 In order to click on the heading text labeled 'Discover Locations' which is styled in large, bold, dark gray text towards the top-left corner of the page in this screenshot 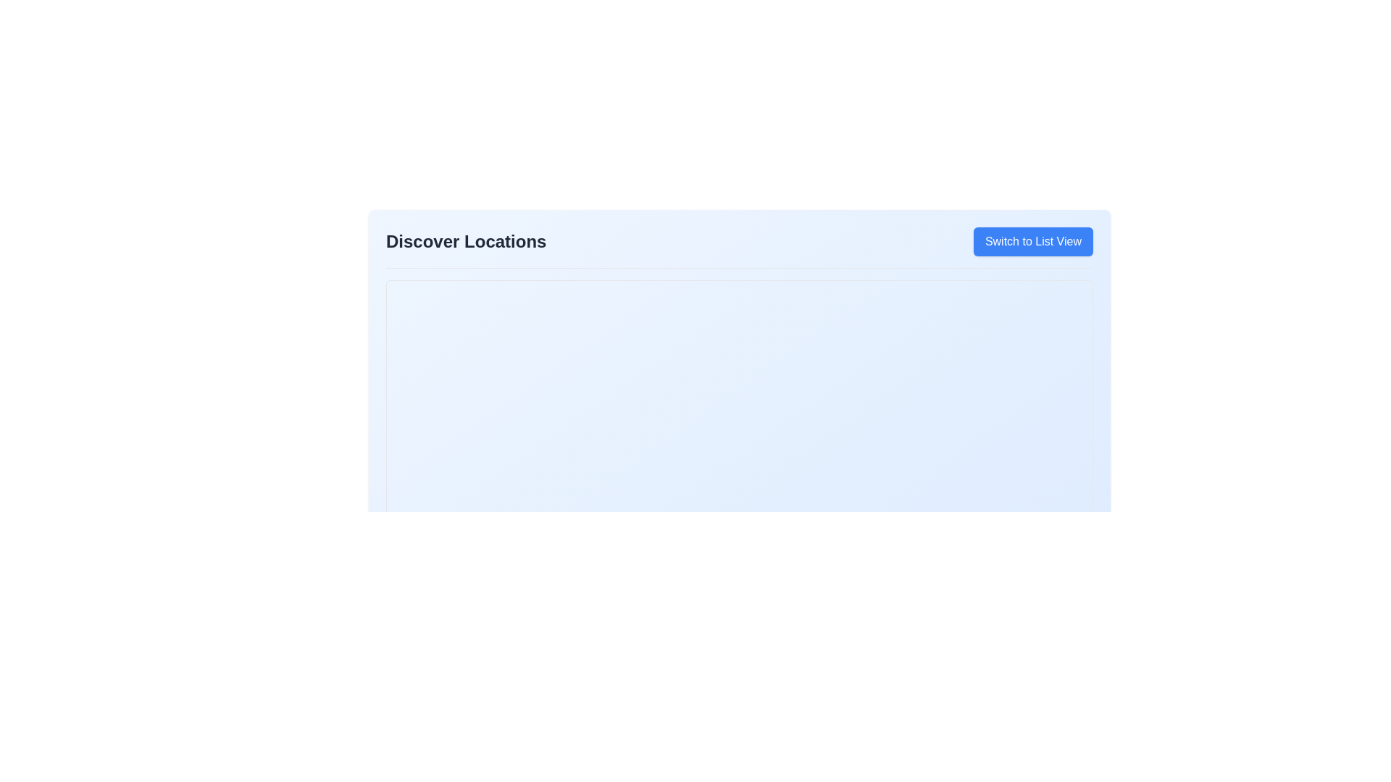, I will do `click(466, 241)`.